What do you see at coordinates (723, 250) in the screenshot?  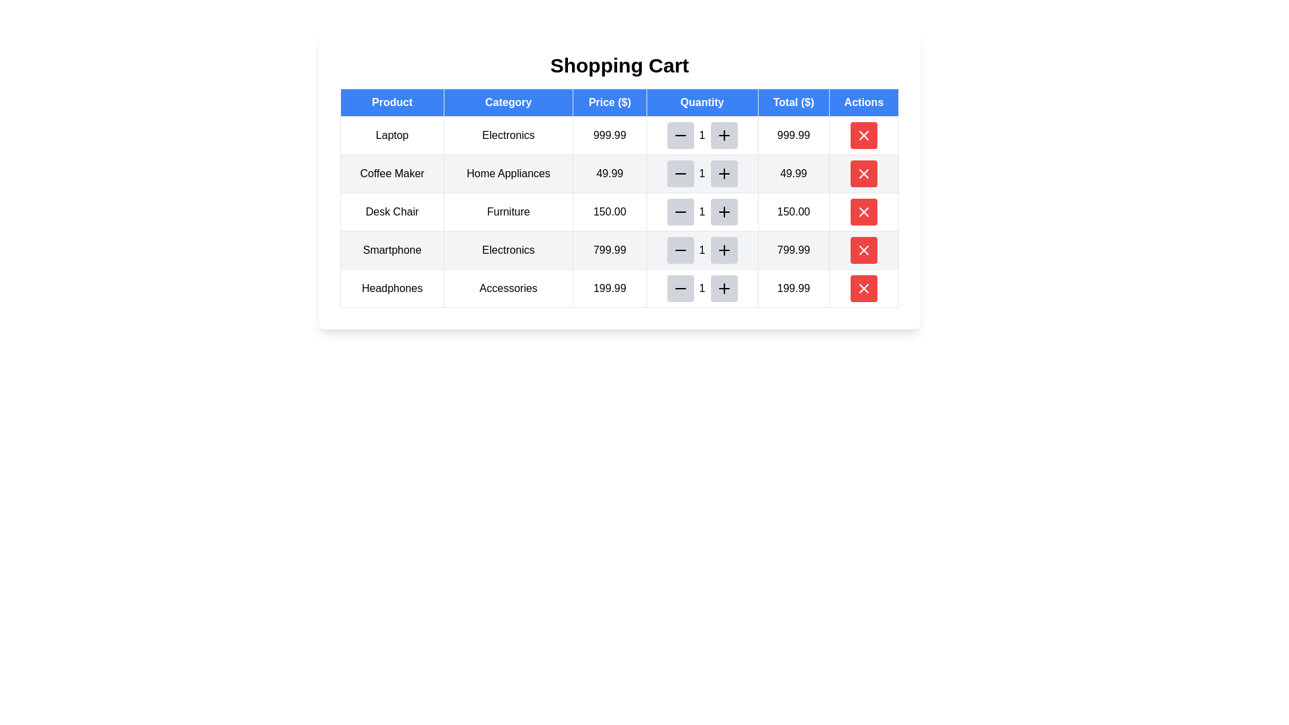 I see `the 'plus' button in the 'Quantity' column for the 'Smartphone' item in the shopping cart to increment its quantity` at bounding box center [723, 250].